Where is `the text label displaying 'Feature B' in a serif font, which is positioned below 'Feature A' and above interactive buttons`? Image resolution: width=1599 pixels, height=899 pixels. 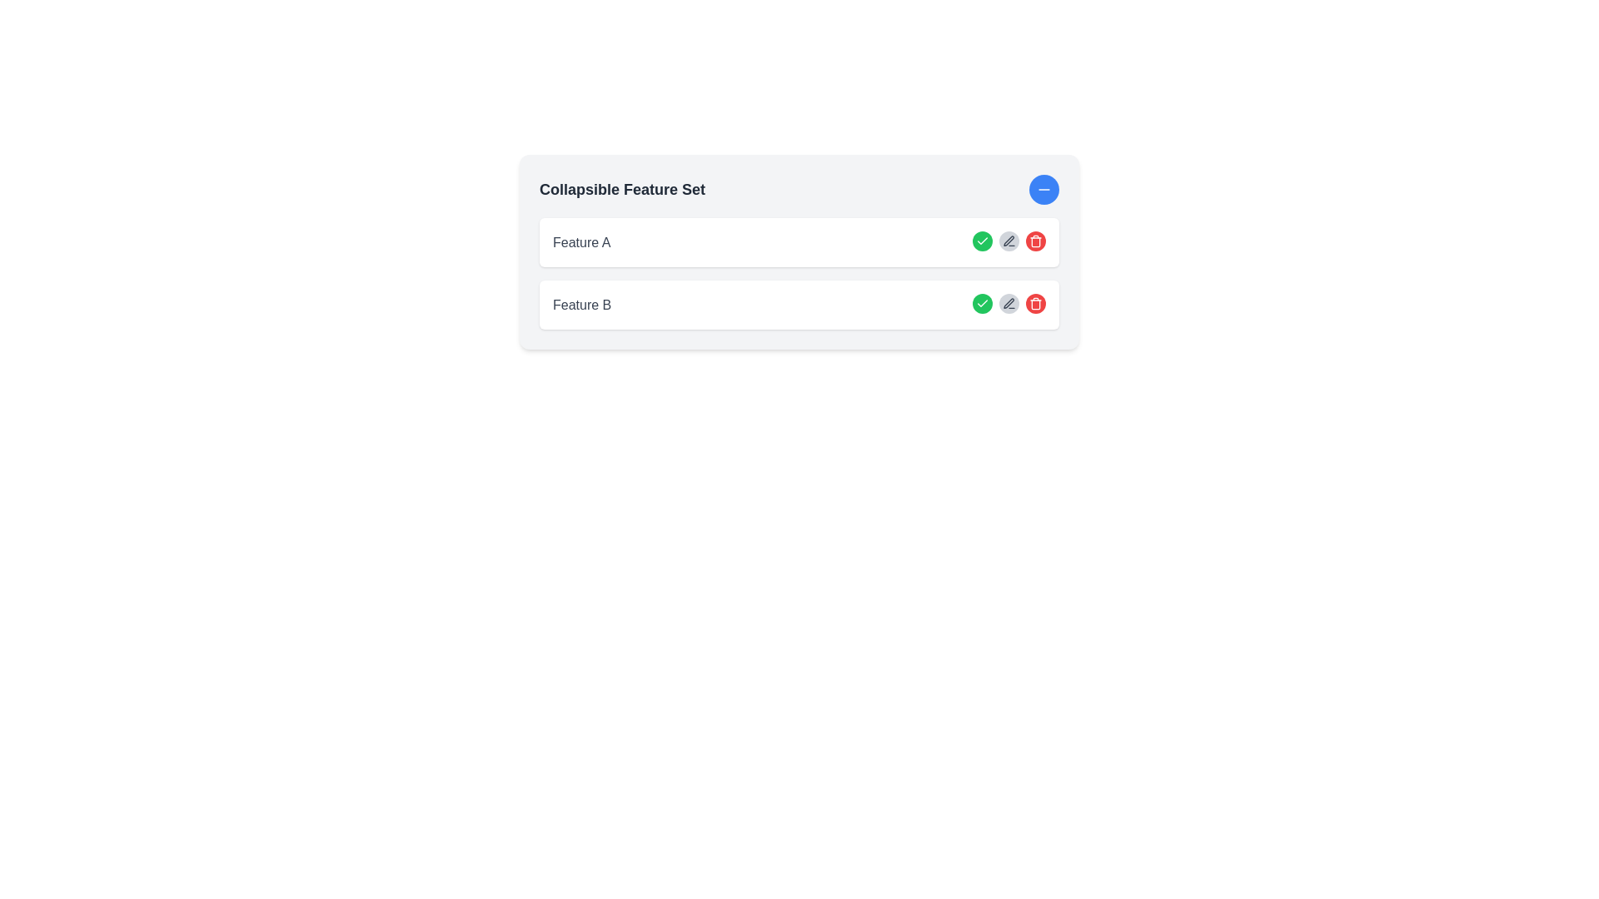
the text label displaying 'Feature B' in a serif font, which is positioned below 'Feature A' and above interactive buttons is located at coordinates (582, 305).